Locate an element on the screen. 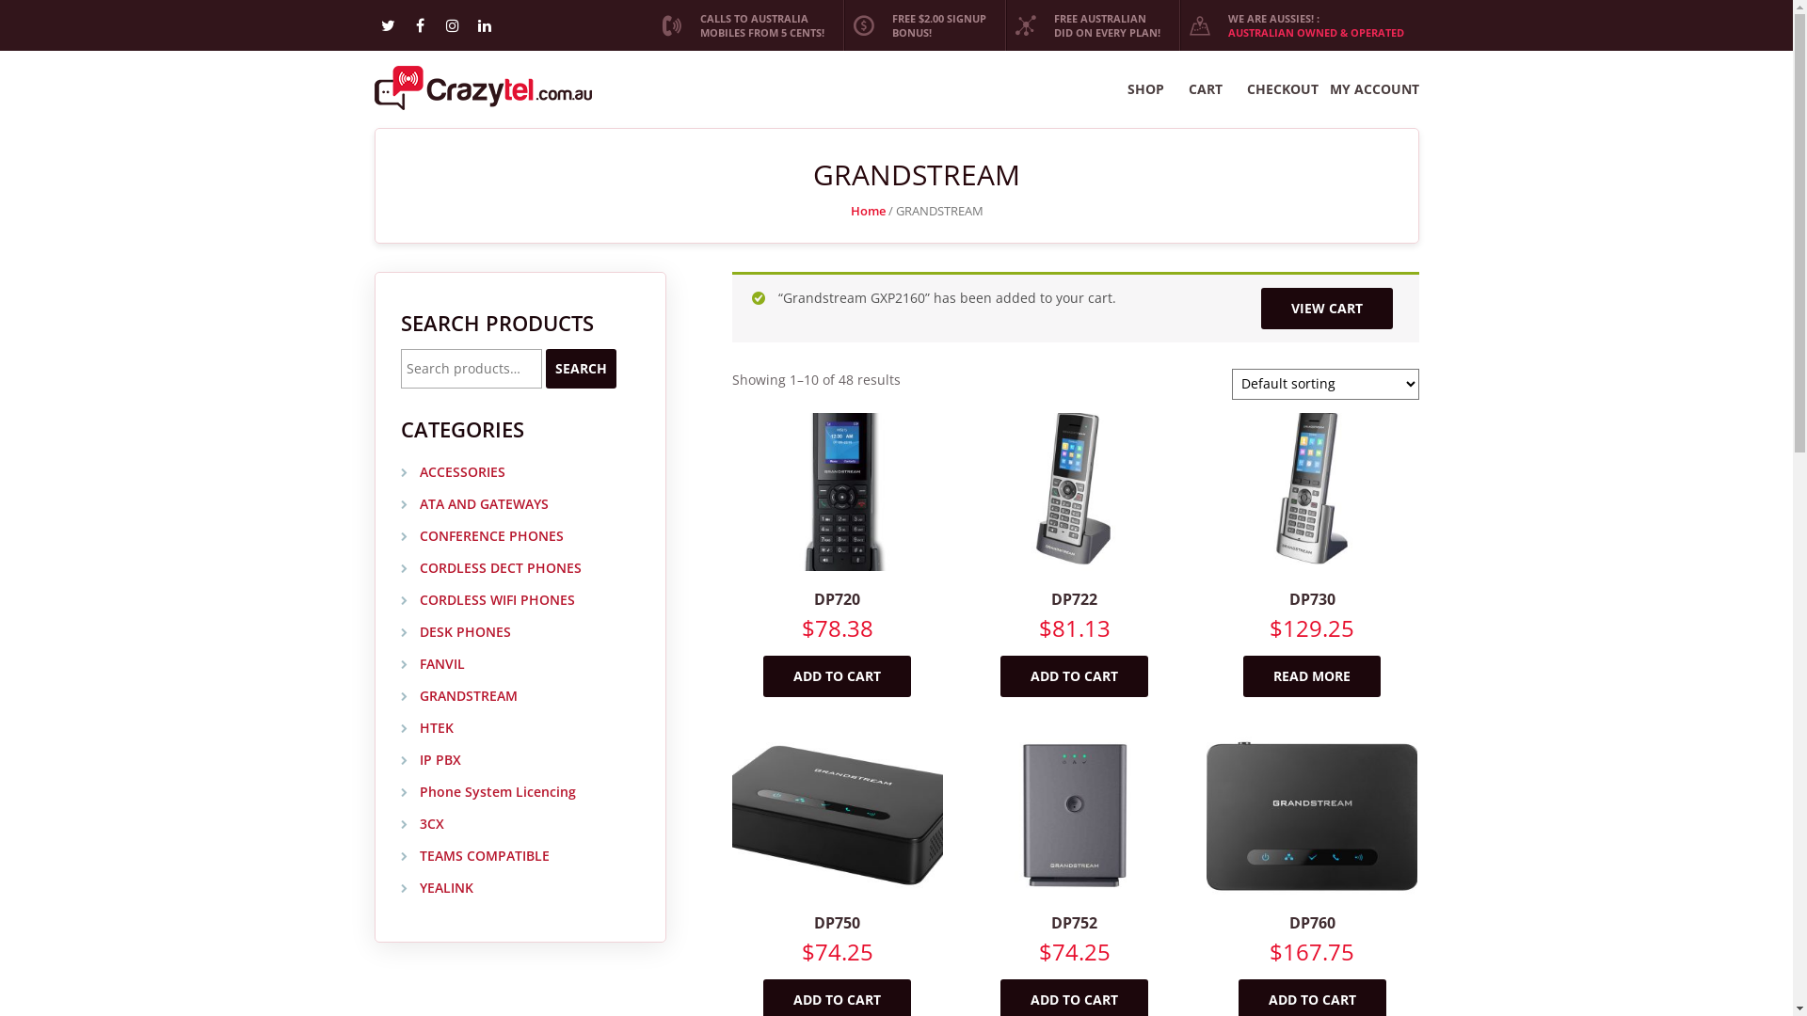 This screenshot has height=1016, width=1807. 'HTEK' is located at coordinates (426, 727).